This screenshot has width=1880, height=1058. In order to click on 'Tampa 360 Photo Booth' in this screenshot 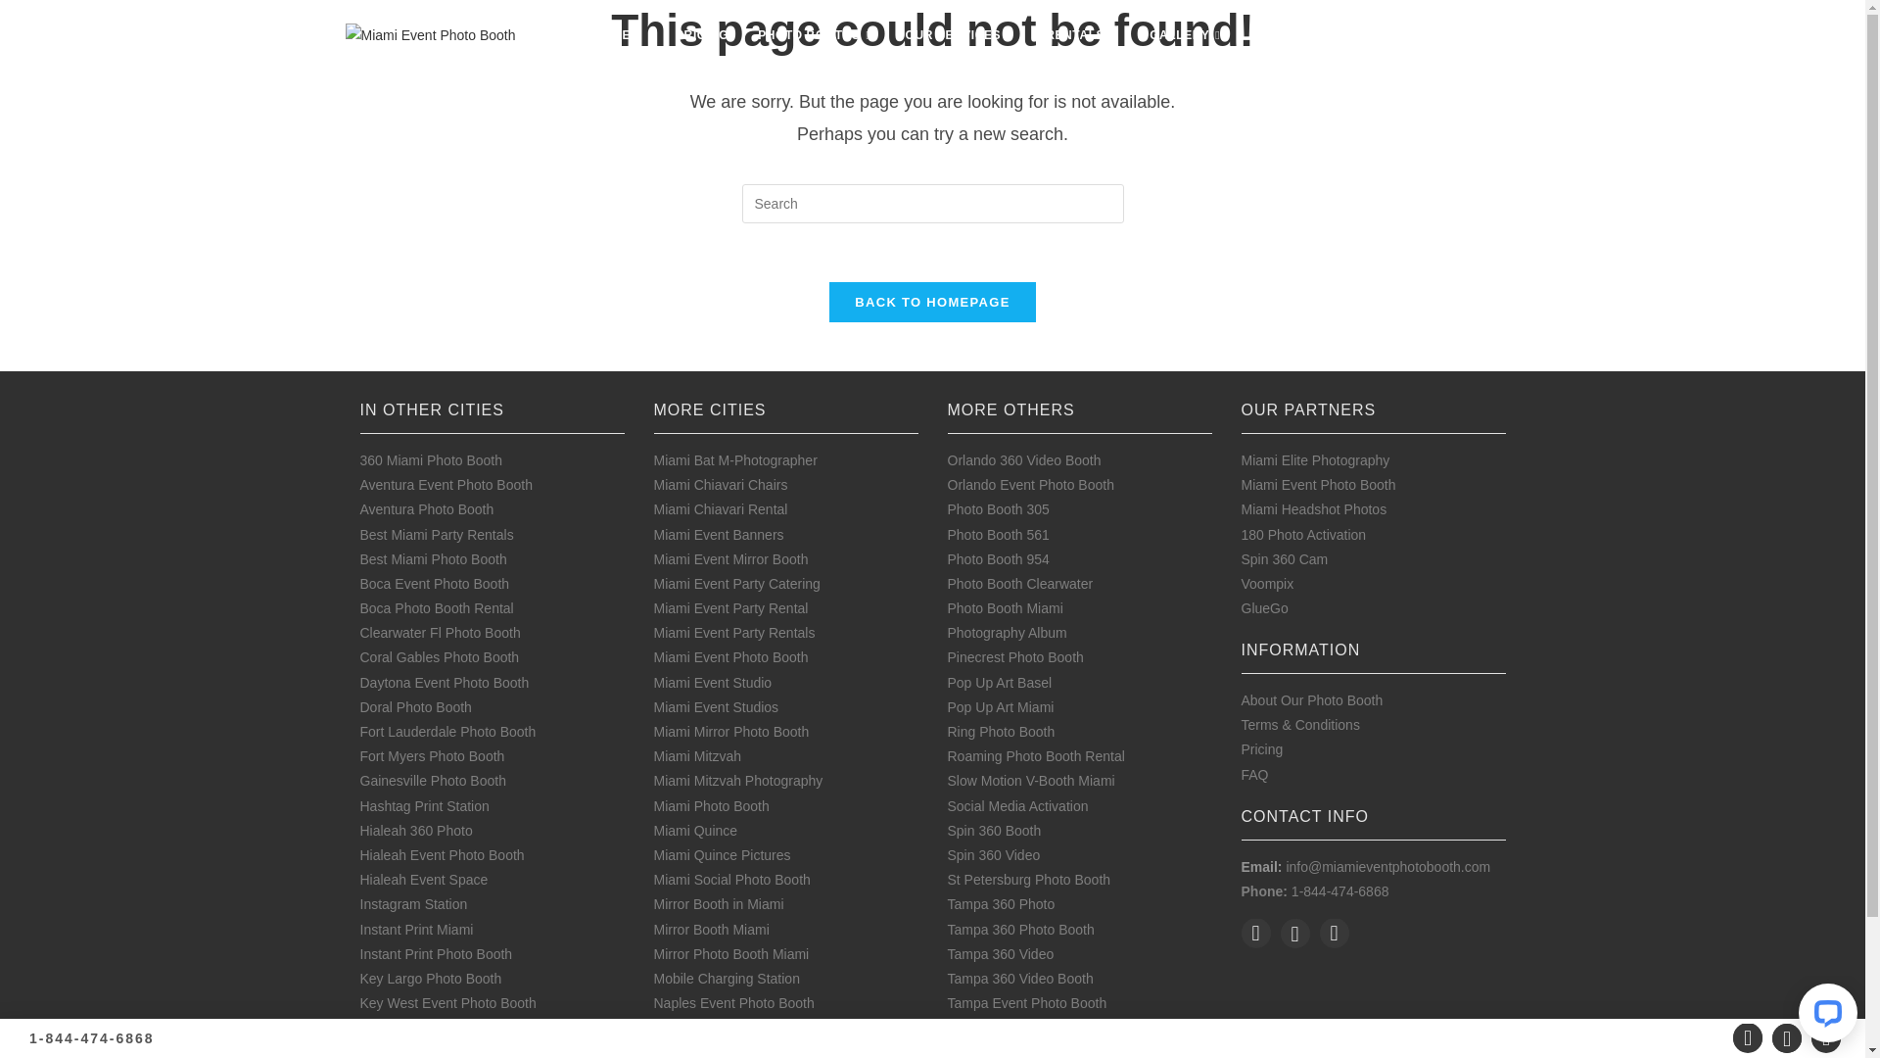, I will do `click(1019, 928)`.